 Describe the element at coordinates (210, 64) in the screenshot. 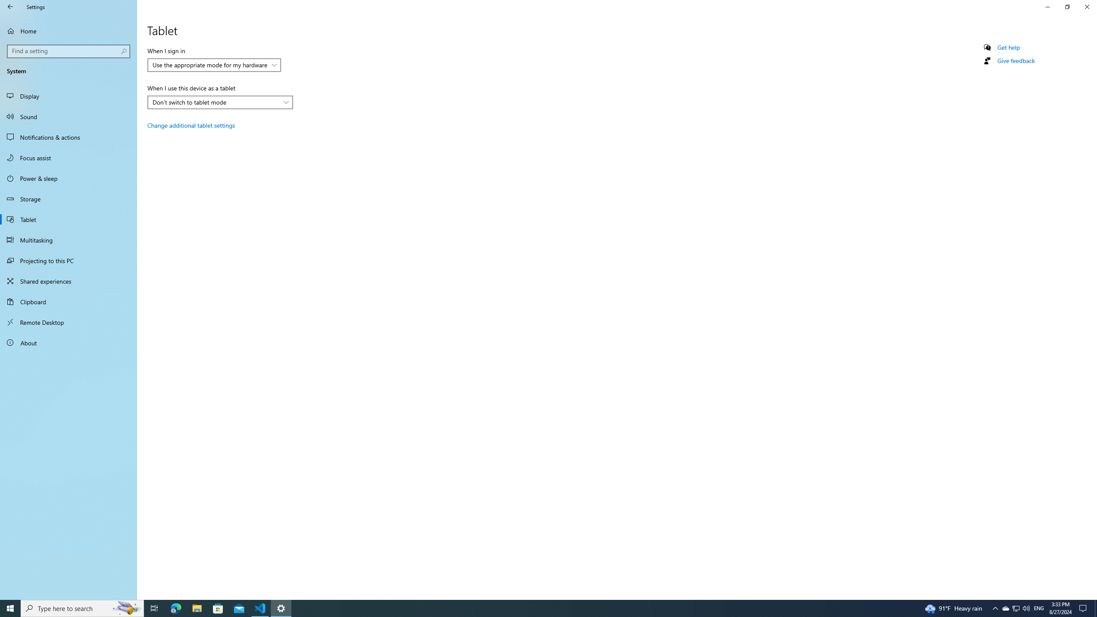

I see `'Use the appropriate mode for my hardware'` at that location.